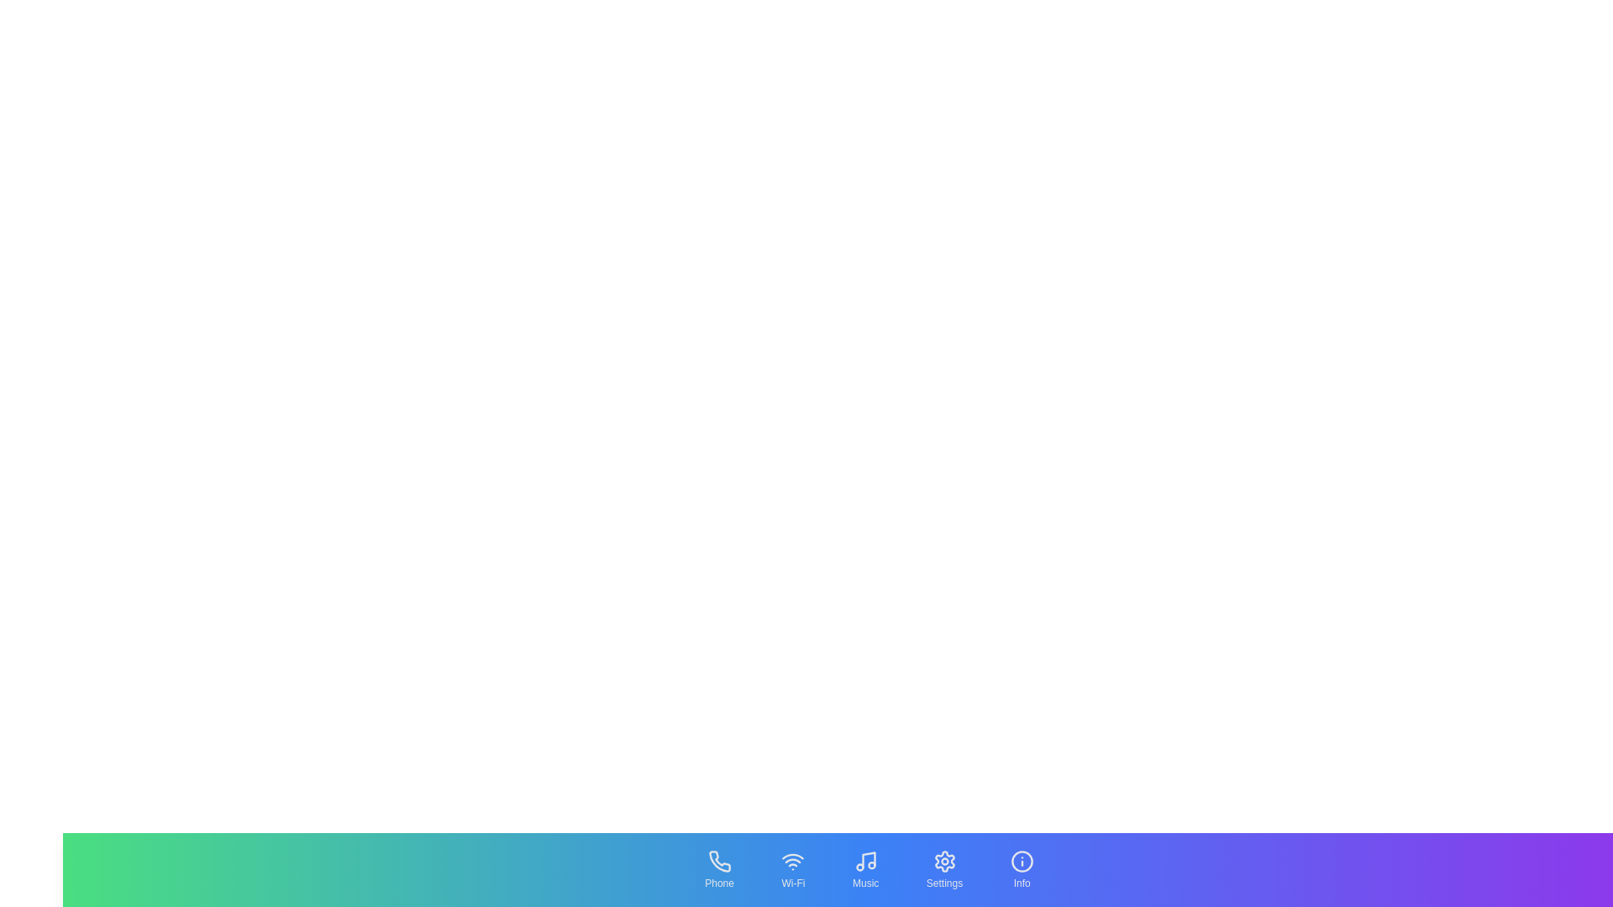 This screenshot has height=907, width=1613. Describe the element at coordinates (865, 869) in the screenshot. I see `the navigation option Music` at that location.